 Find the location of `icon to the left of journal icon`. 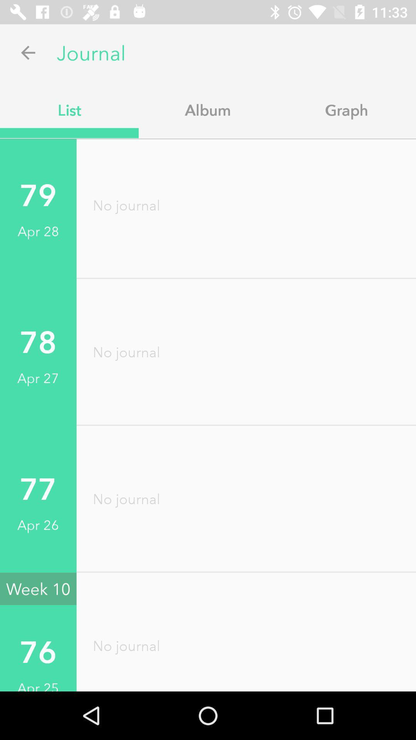

icon to the left of journal icon is located at coordinates (28, 52).